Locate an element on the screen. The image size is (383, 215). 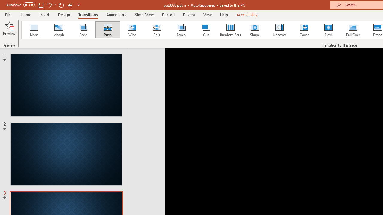
'Wipe' is located at coordinates (132, 30).